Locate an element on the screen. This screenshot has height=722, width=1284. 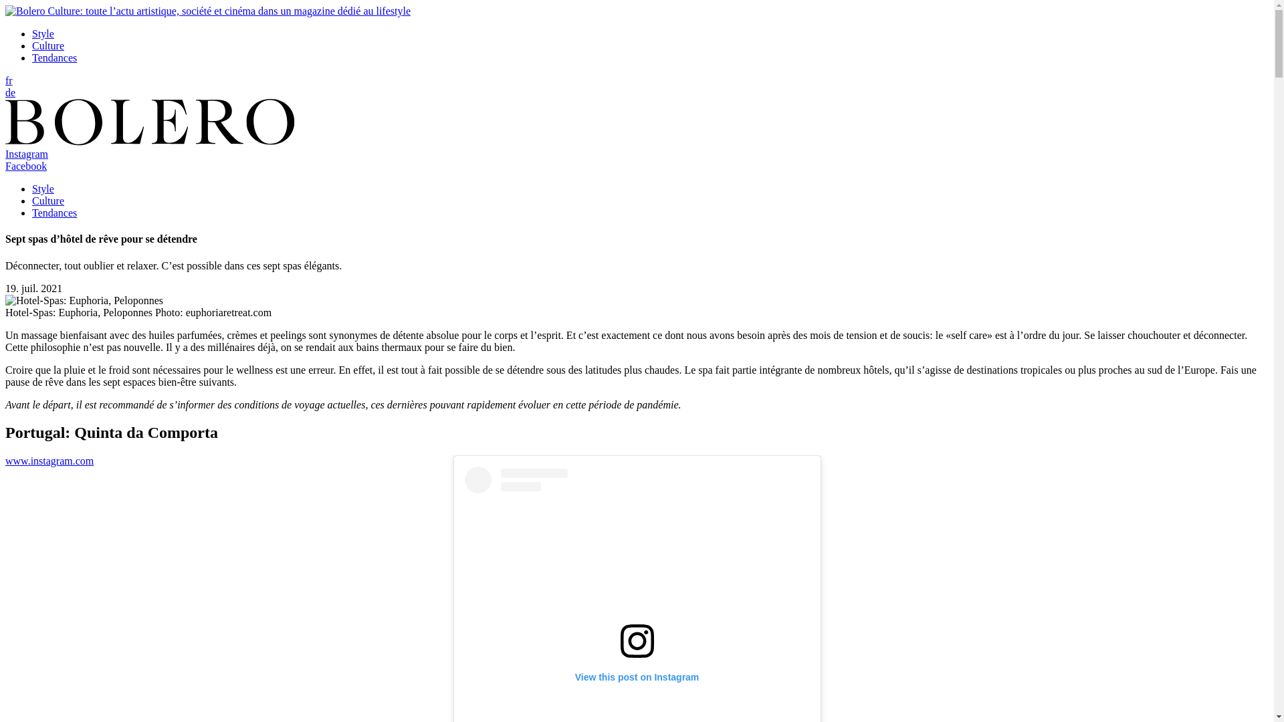
'Instagram' is located at coordinates (26, 153).